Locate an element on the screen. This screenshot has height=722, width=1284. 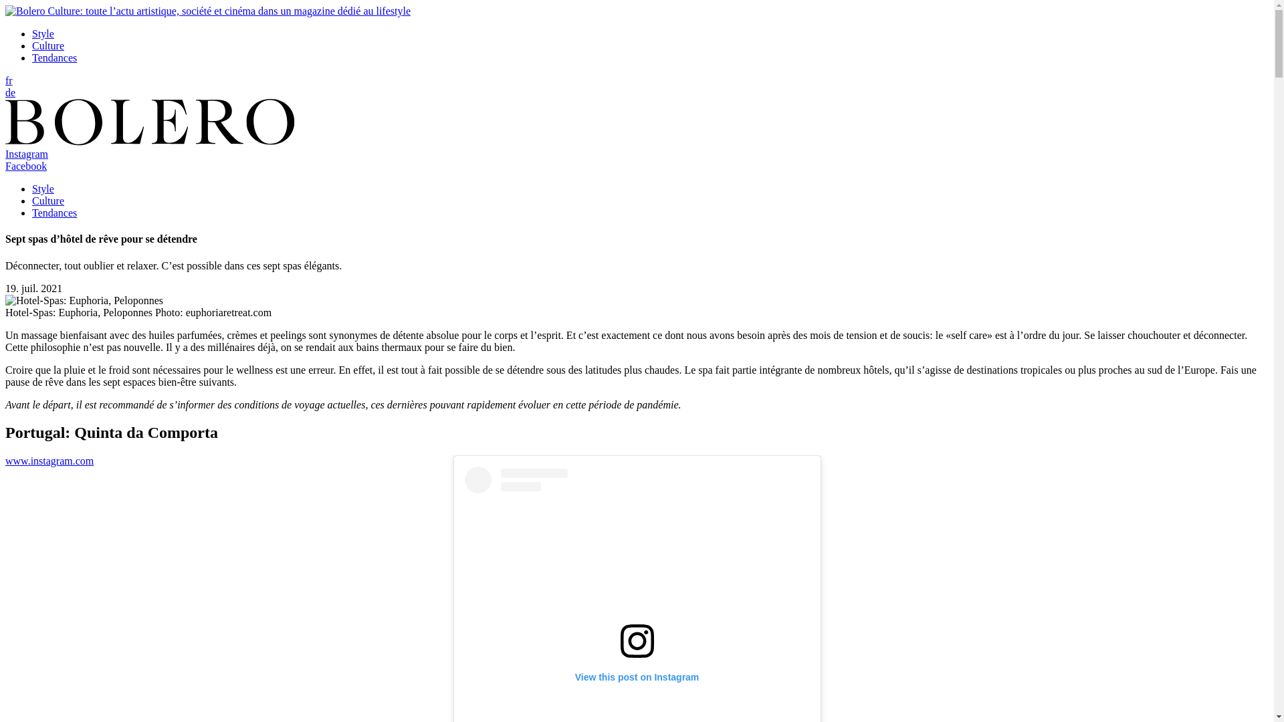
'Instagram' is located at coordinates (26, 153).